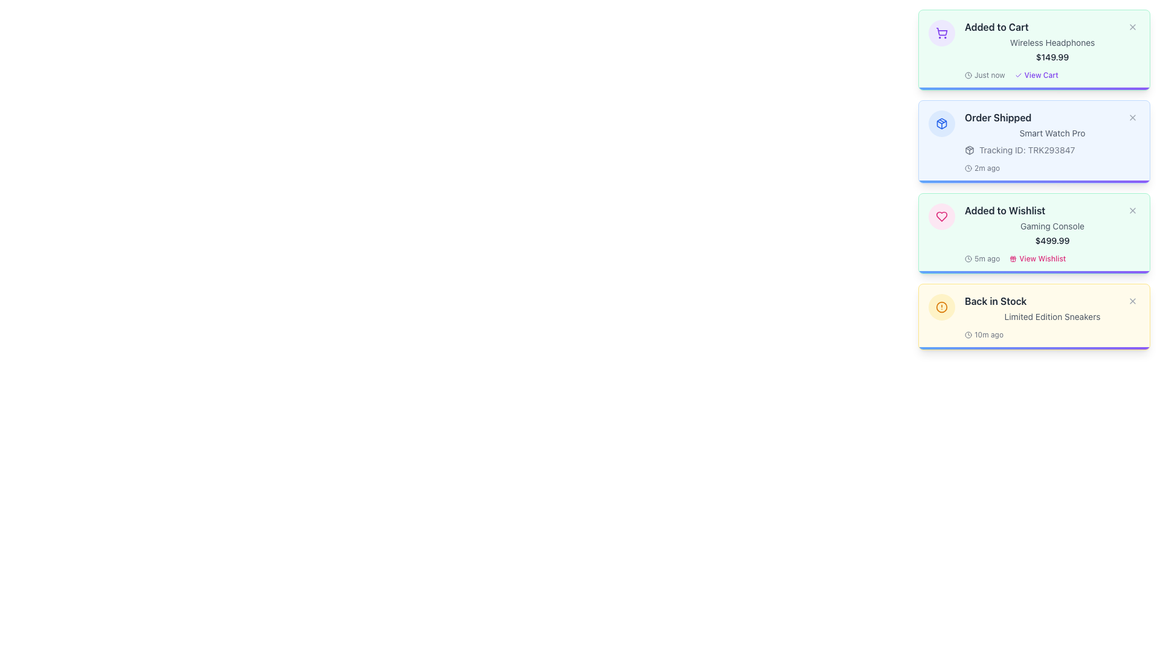 The height and width of the screenshot is (652, 1160). I want to click on the close button with an SVG icon located in the top-right corner of the 'Back in Stock' notification card, so click(1132, 300).